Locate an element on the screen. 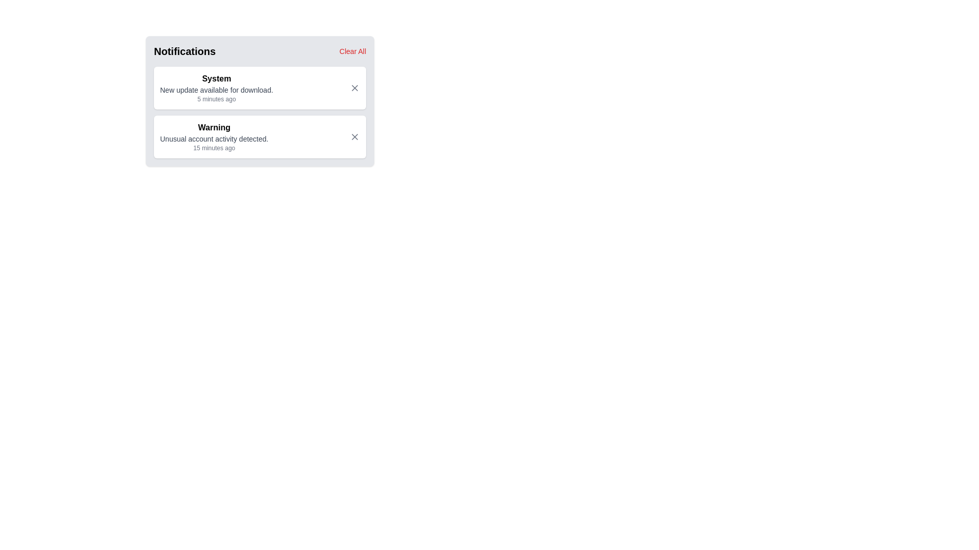 This screenshot has height=550, width=979. the header text label for the notifications section, which serves as a contextual indicator for the content below is located at coordinates (185, 51).